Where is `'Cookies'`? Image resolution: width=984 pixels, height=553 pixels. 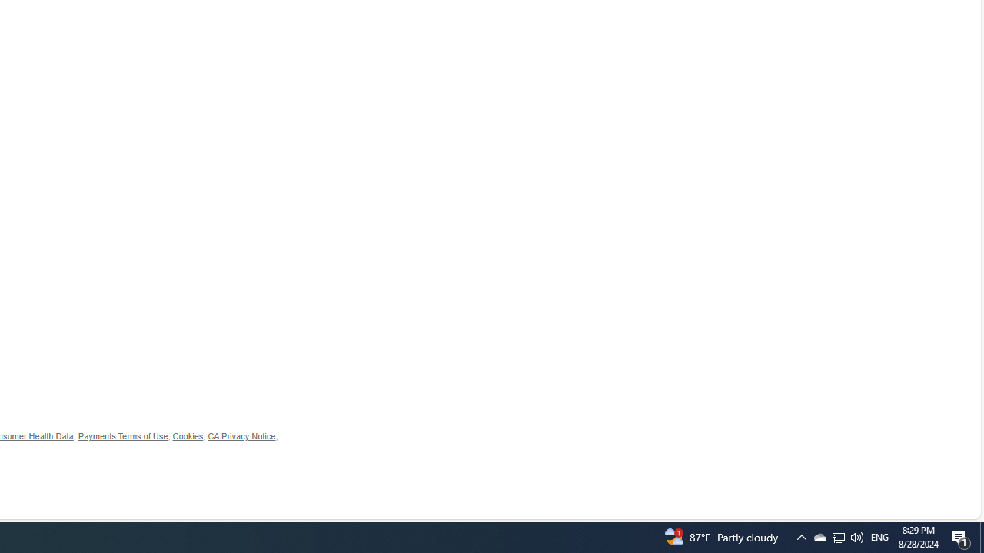
'Cookies' is located at coordinates (187, 436).